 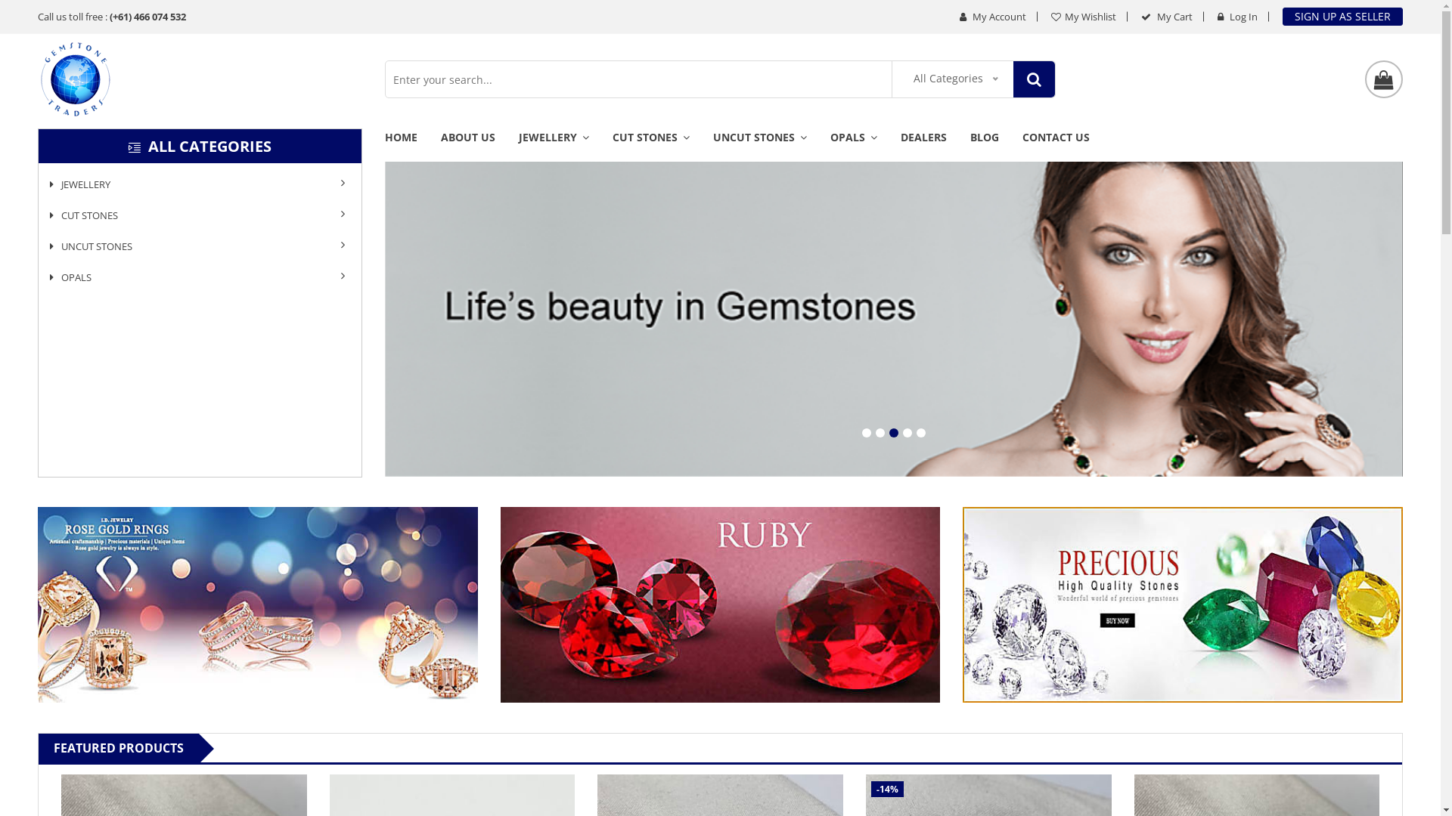 What do you see at coordinates (923, 145) in the screenshot?
I see `'DEALERS'` at bounding box center [923, 145].